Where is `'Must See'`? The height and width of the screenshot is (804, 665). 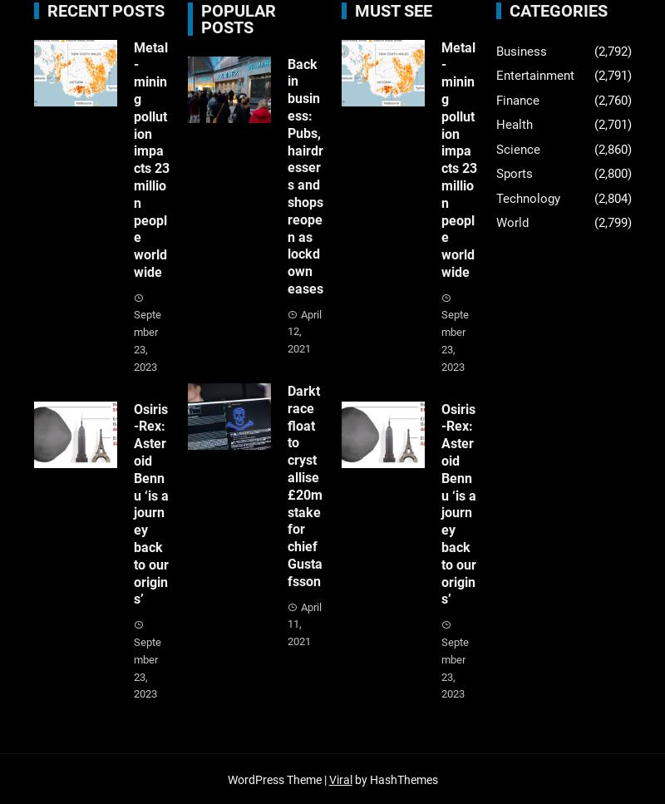
'Must See' is located at coordinates (393, 9).